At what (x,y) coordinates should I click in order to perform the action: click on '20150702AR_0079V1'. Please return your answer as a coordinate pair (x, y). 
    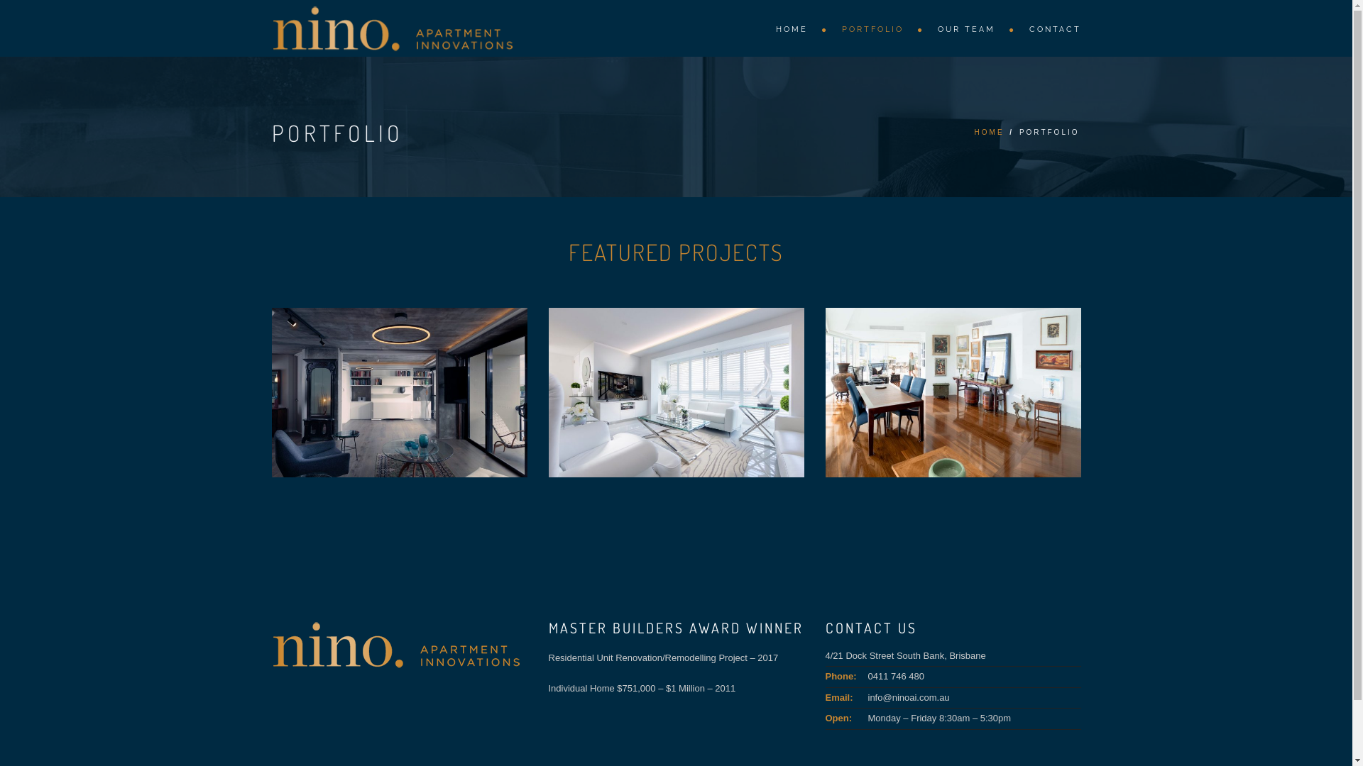
    Looking at the image, I should click on (953, 393).